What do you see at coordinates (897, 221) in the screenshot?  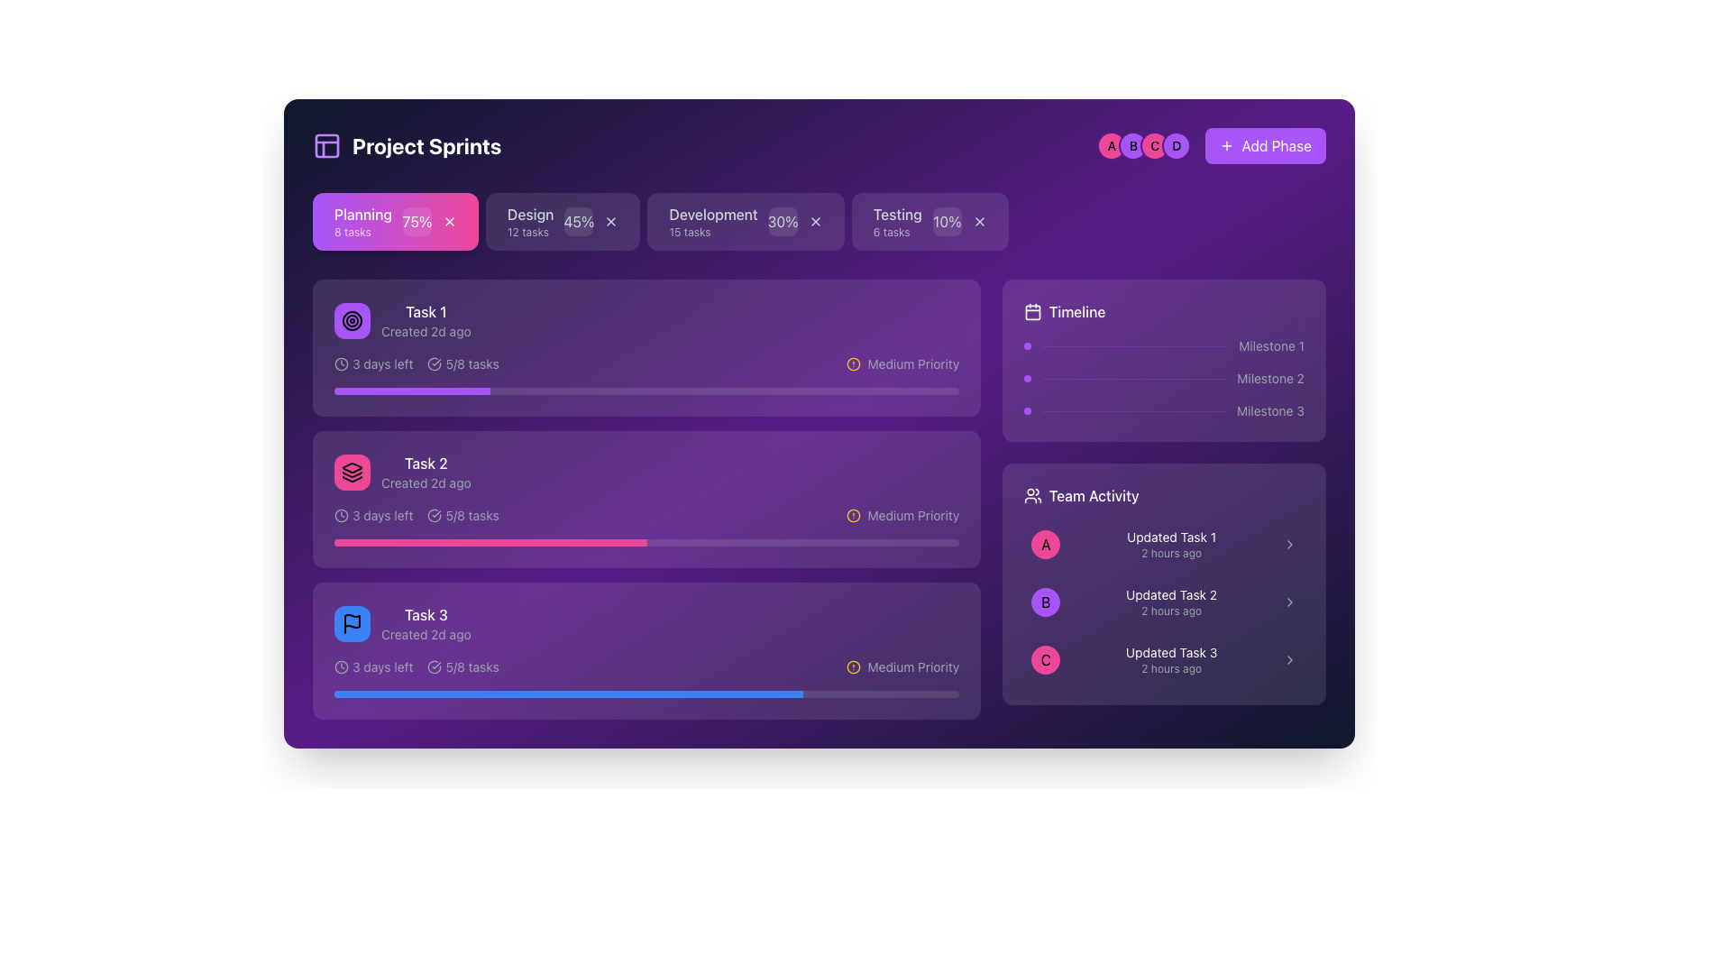 I see `information presented in the label summarizing the tasks associated with the 'Testing' phase of the project, which is located in the upper-right section of the interface, to the right of 'Planning', 'Design', and 'Development'` at bounding box center [897, 221].